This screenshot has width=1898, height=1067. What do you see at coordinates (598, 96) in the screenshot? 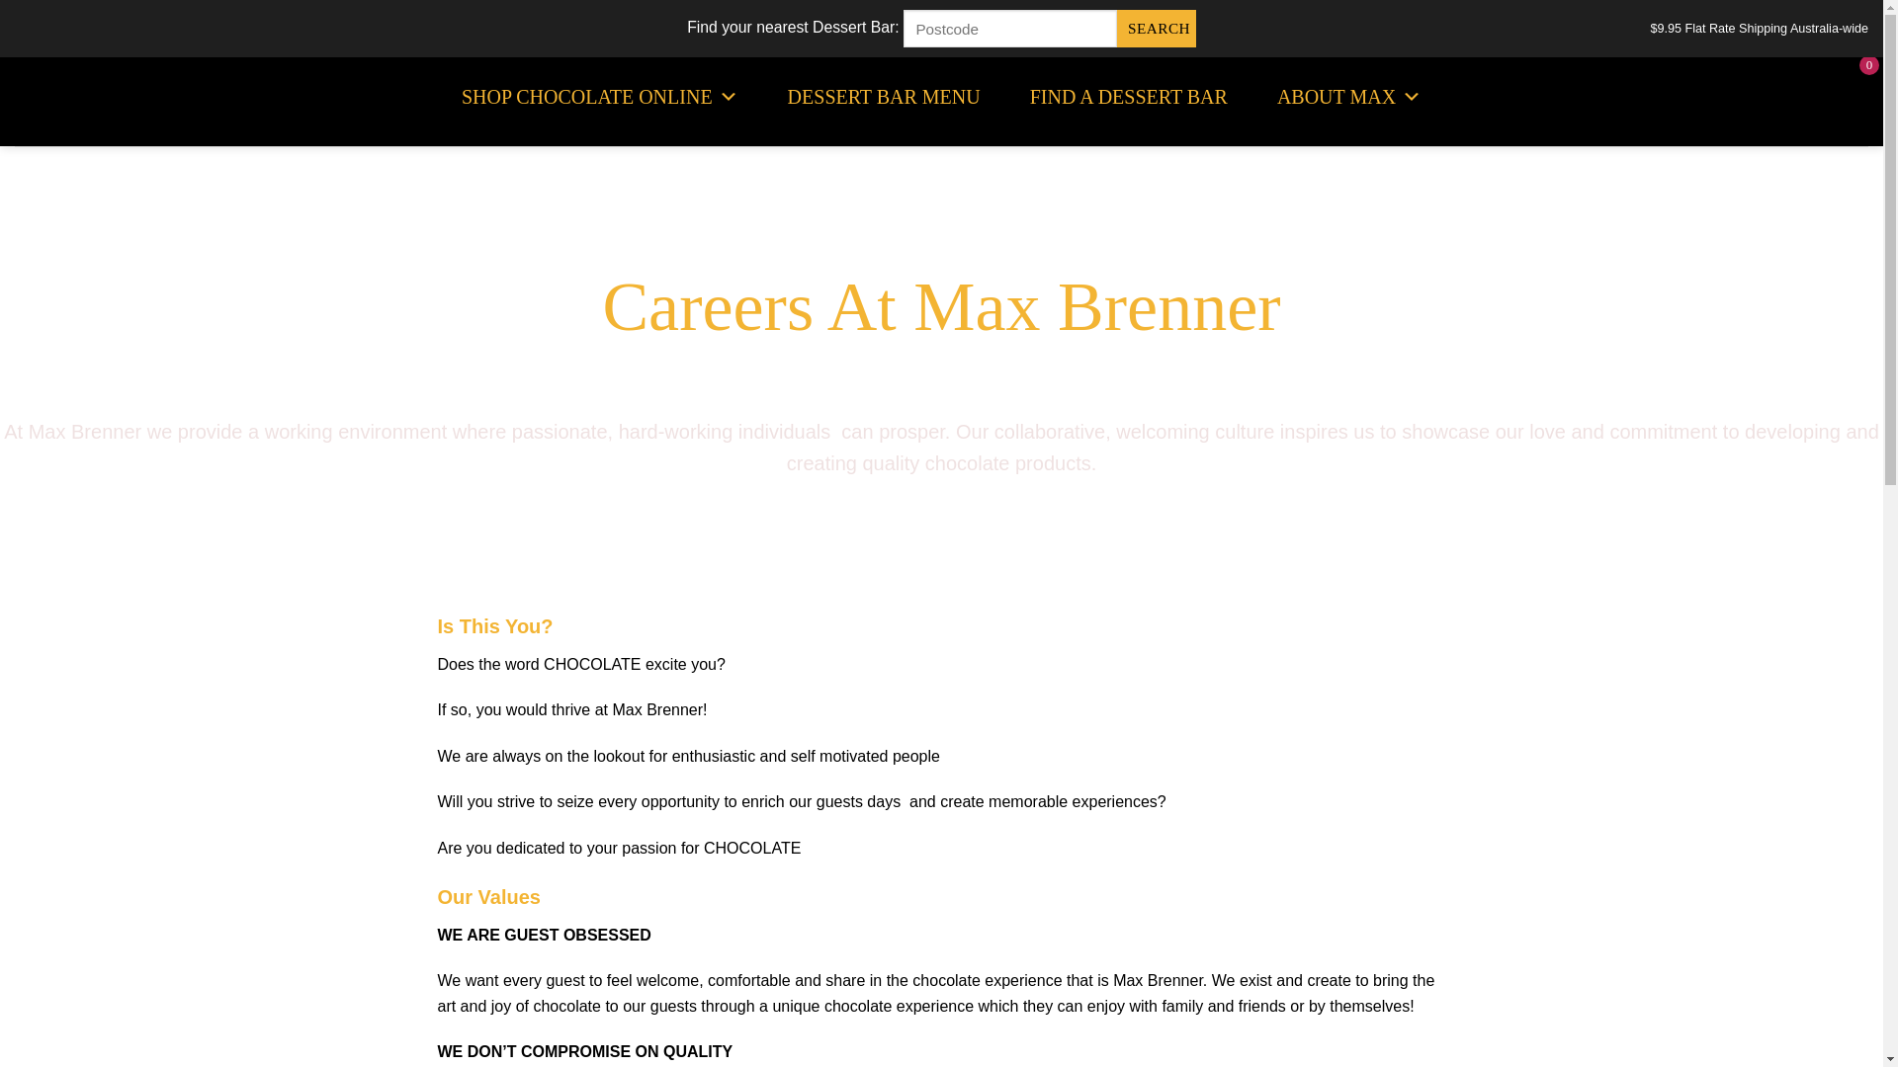
I see `'SHOP CHOCOLATE ONLINE'` at bounding box center [598, 96].